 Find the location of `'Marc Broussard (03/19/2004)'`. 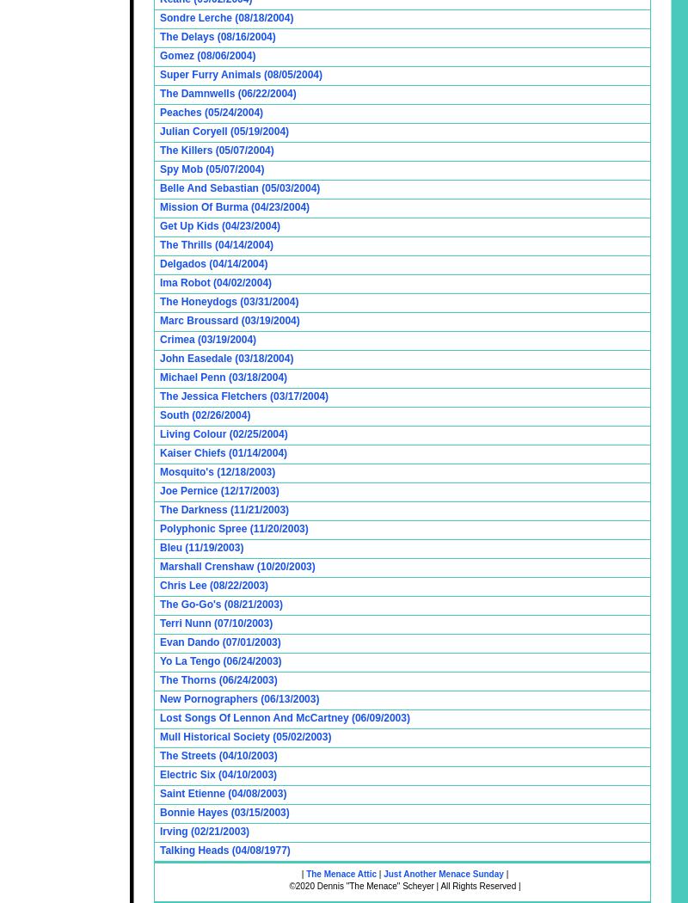

'Marc Broussard (03/19/2004)' is located at coordinates (228, 319).